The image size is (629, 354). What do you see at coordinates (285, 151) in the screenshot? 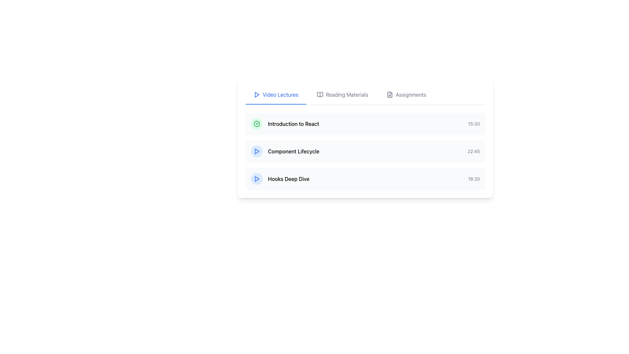
I see `the 'Component Lifecycle' button, which features a blue play icon and is the second item in a list of lecture topics` at bounding box center [285, 151].